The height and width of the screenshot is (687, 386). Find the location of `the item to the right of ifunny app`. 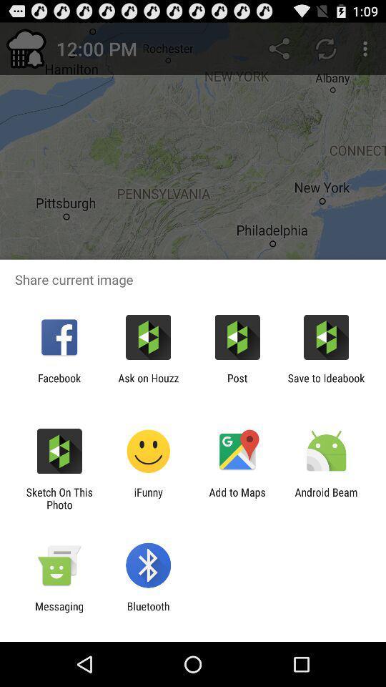

the item to the right of ifunny app is located at coordinates (237, 498).